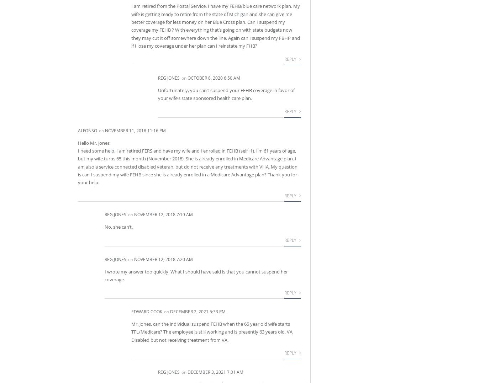 This screenshot has width=495, height=383. I want to click on 'Mr. Jones, can the individual suspend FEHB when the 65 year old wife starts TFL/Medicare?  The employee is still  working and is presently 63 years old, VA Disabled but not receiving treatment from VA.', so click(211, 331).